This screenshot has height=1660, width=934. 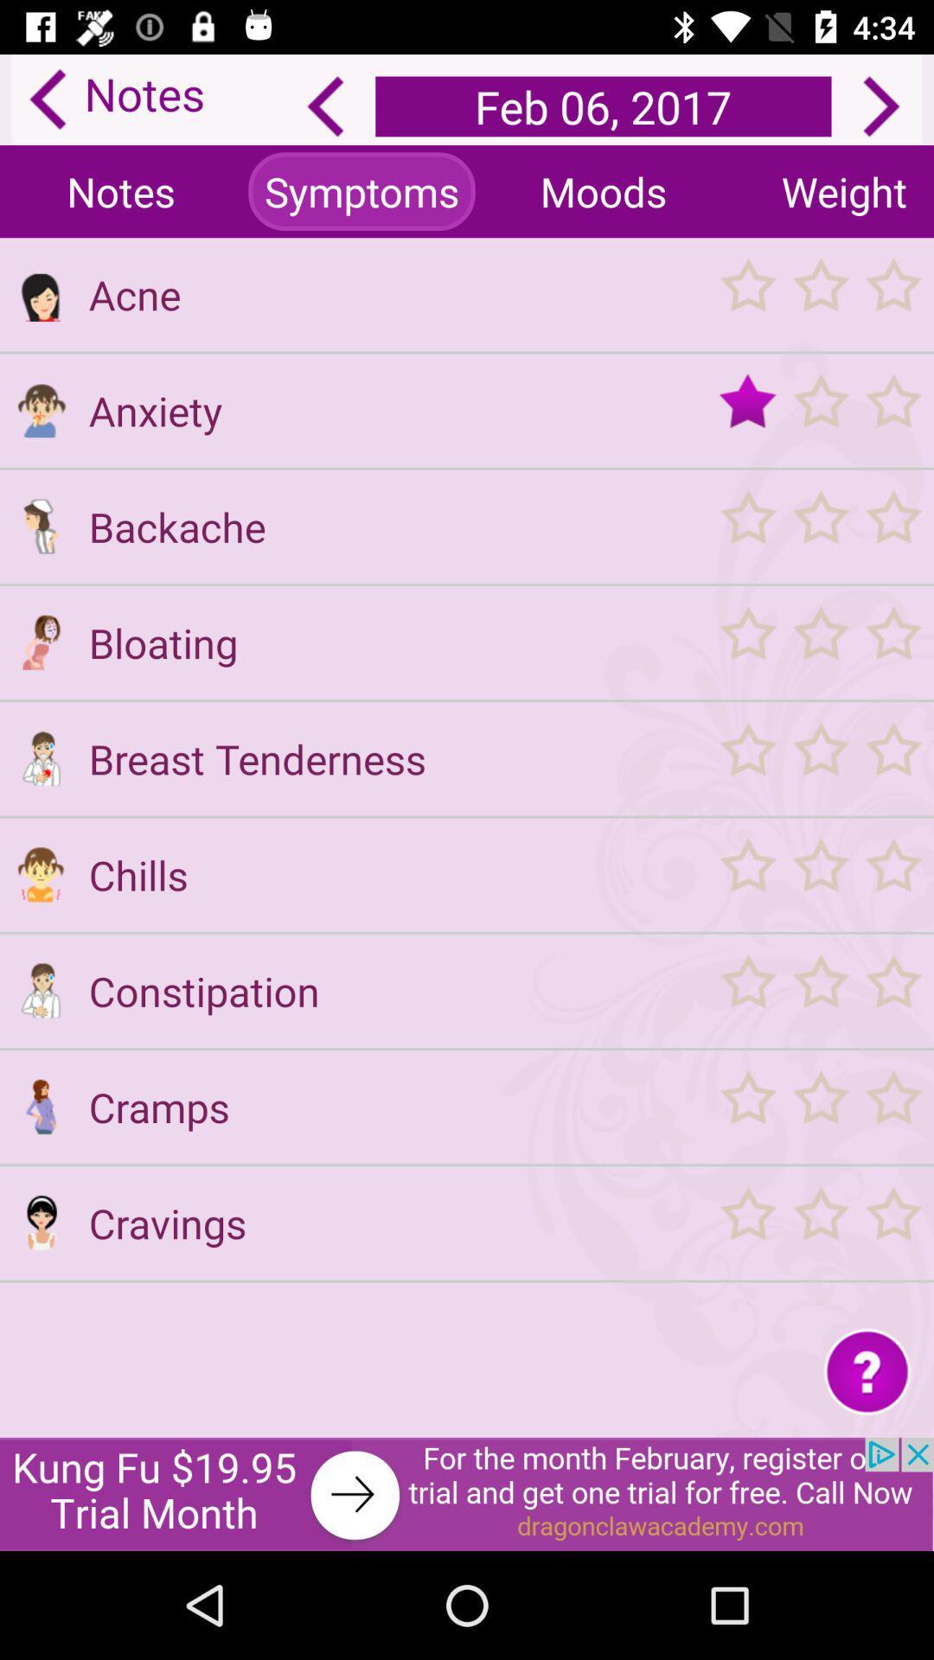 I want to click on rate by clicking stars, so click(x=819, y=1107).